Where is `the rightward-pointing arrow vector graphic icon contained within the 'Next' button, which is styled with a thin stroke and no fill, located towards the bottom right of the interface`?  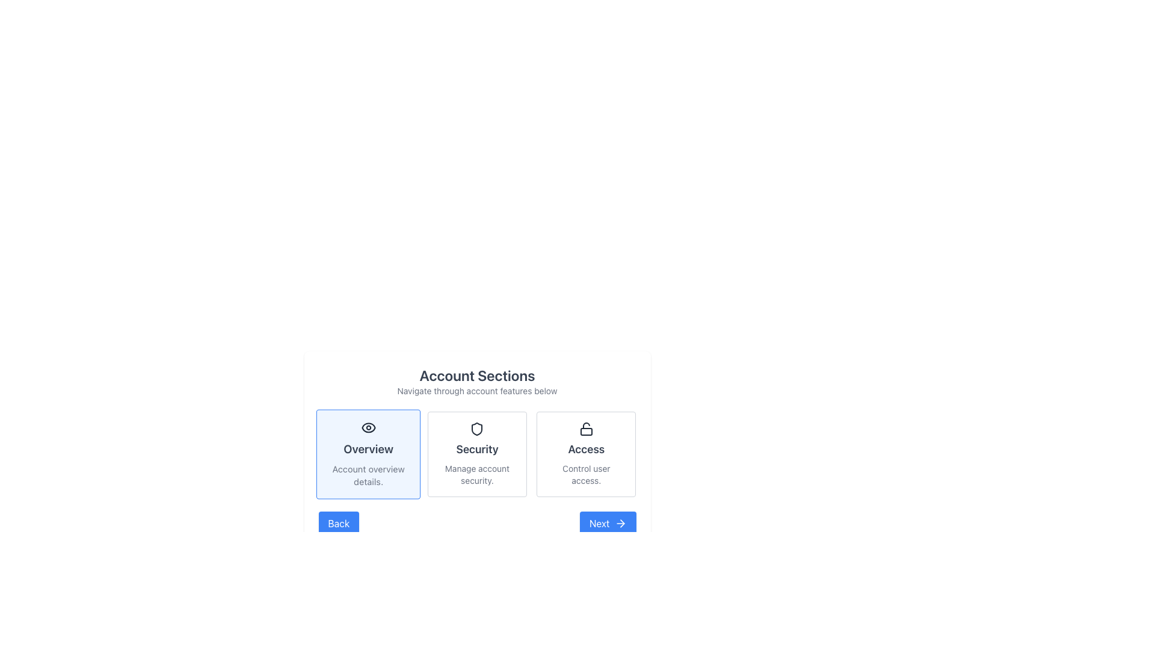 the rightward-pointing arrow vector graphic icon contained within the 'Next' button, which is styled with a thin stroke and no fill, located towards the bottom right of the interface is located at coordinates (622, 523).